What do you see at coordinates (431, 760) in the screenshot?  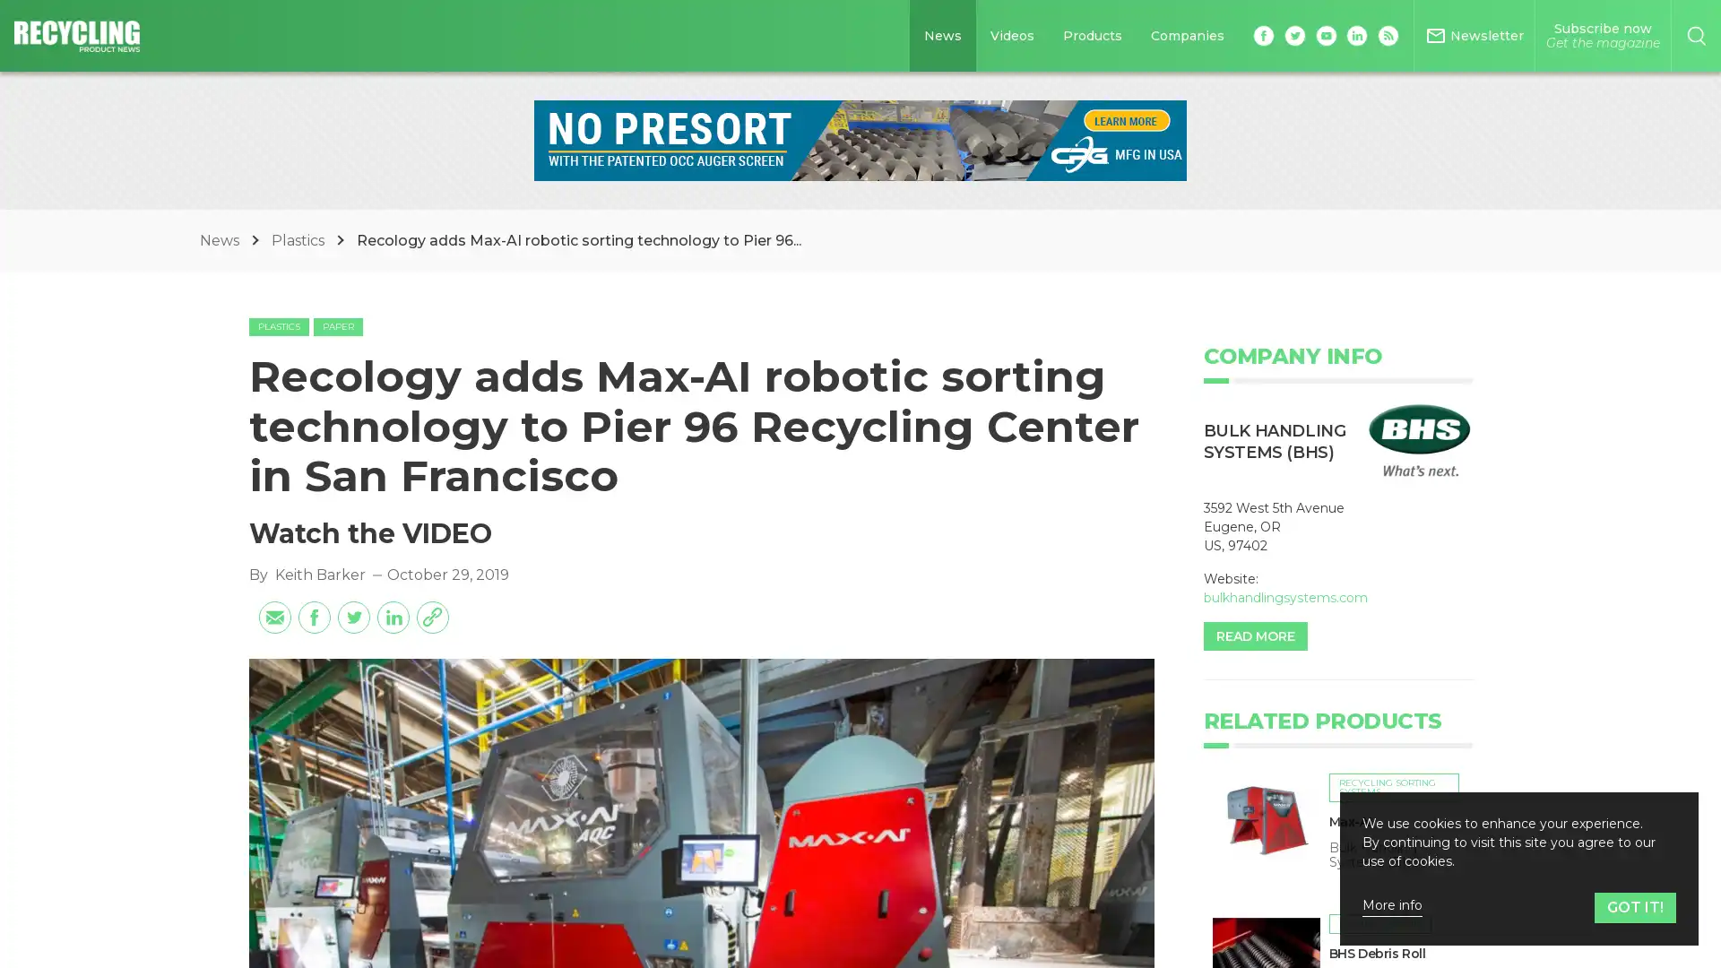 I see `Copy the link` at bounding box center [431, 760].